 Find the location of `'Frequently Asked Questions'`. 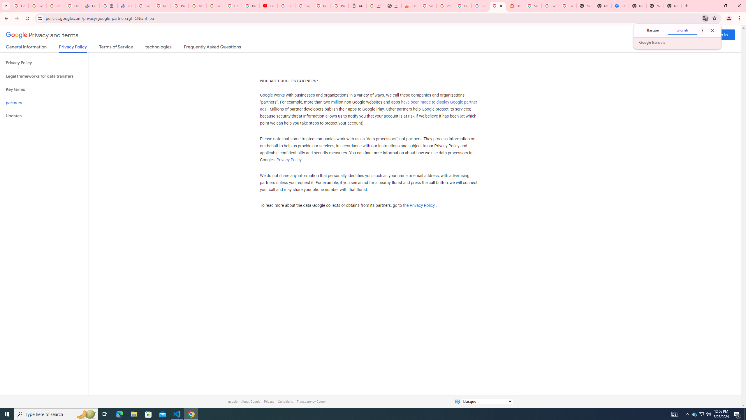

'Frequently Asked Questions' is located at coordinates (212, 48).